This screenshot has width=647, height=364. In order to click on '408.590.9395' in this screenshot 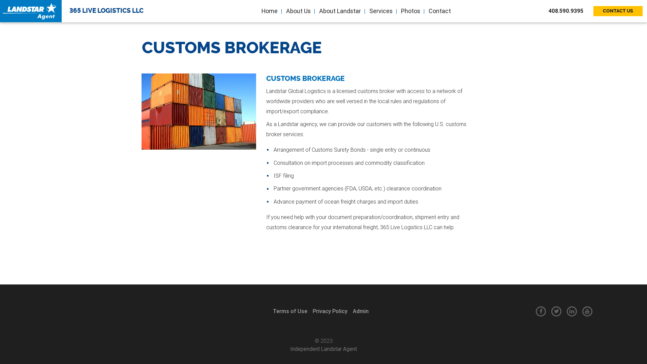, I will do `click(569, 11)`.